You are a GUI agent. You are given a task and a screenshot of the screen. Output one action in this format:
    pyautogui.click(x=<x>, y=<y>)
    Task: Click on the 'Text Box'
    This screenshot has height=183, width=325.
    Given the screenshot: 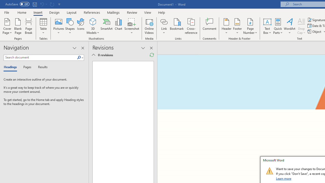 What is the action you would take?
    pyautogui.click(x=267, y=26)
    